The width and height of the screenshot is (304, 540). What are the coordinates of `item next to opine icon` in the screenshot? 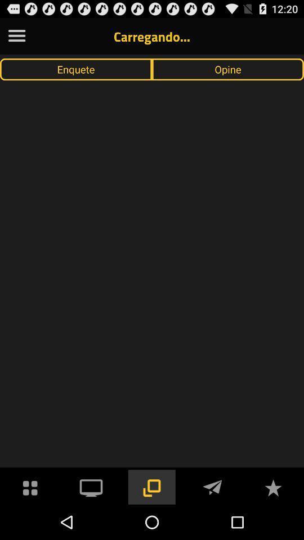 It's located at (76, 69).